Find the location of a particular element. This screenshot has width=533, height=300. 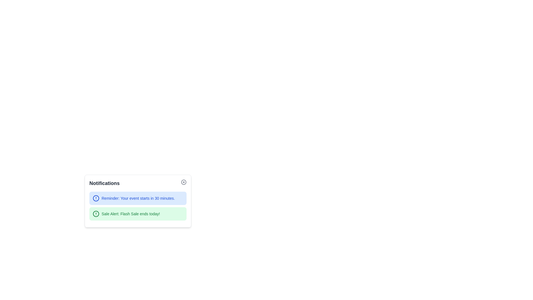

the close button located at the right end of the 'Notifications' header is located at coordinates (184, 182).